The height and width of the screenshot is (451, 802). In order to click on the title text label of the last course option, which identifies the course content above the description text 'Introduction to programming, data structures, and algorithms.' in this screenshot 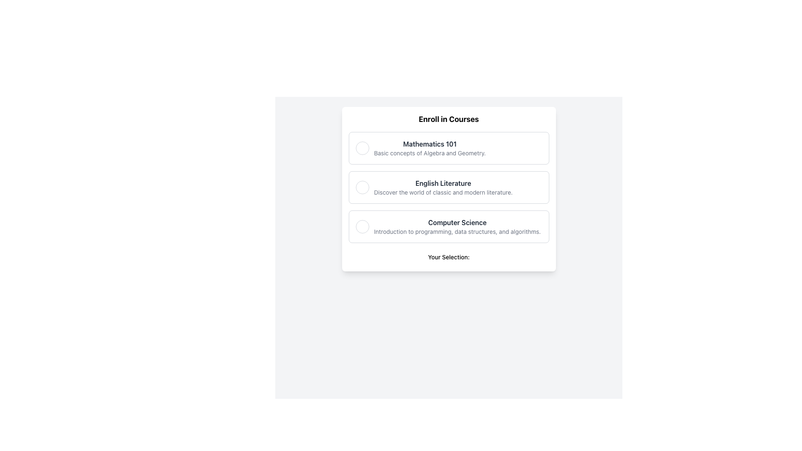, I will do `click(457, 222)`.